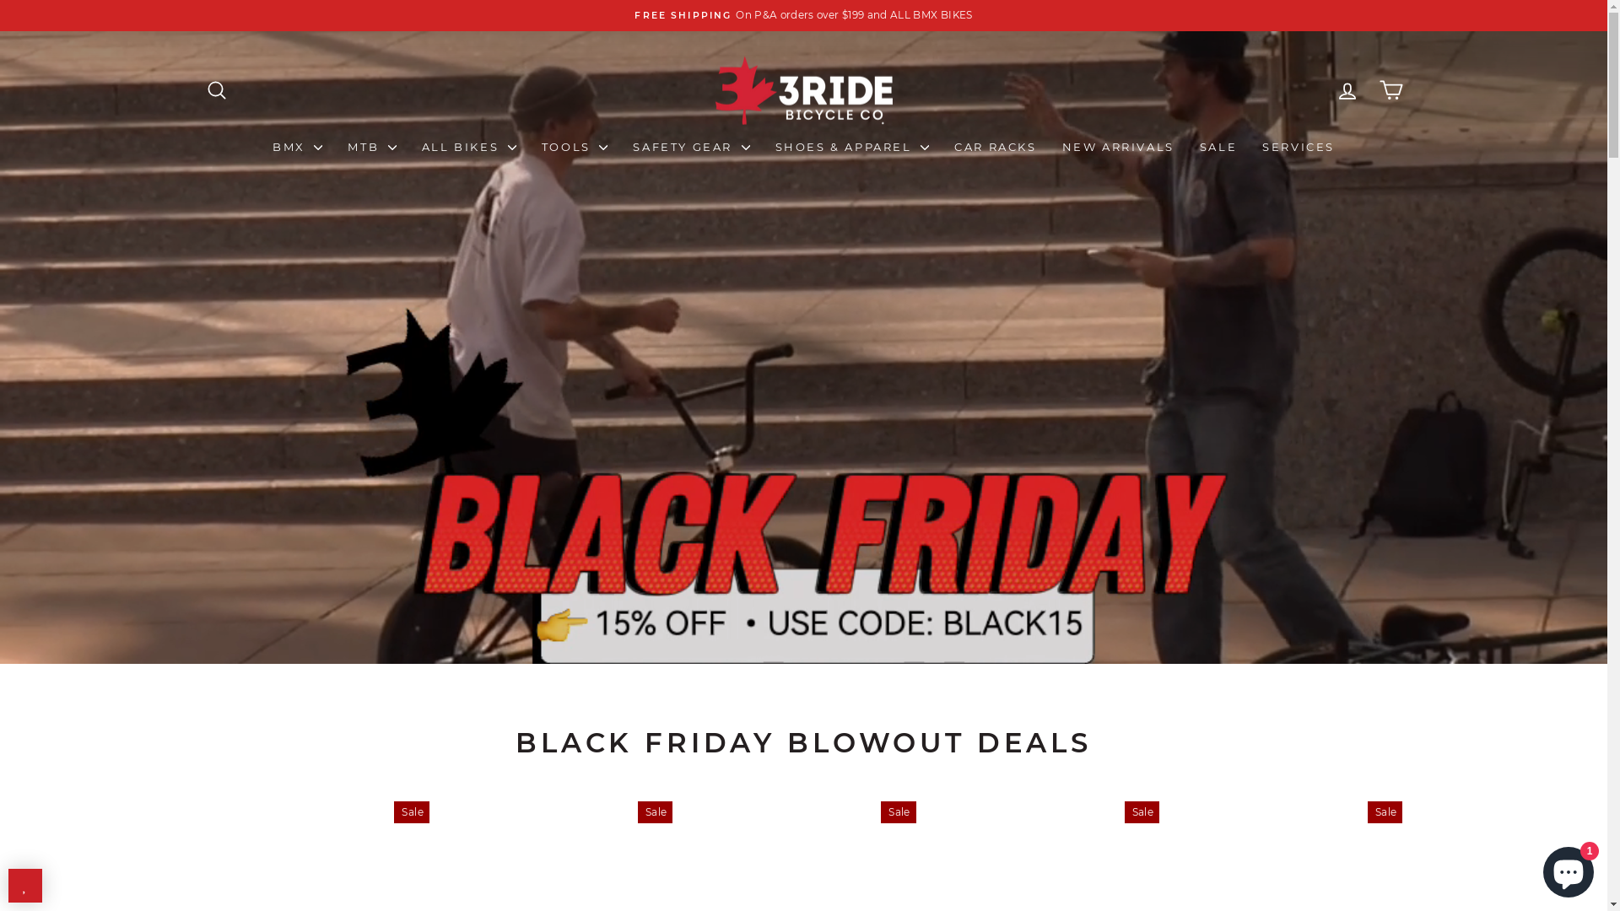  What do you see at coordinates (1323, 89) in the screenshot?
I see `'ACCOUNT` at bounding box center [1323, 89].